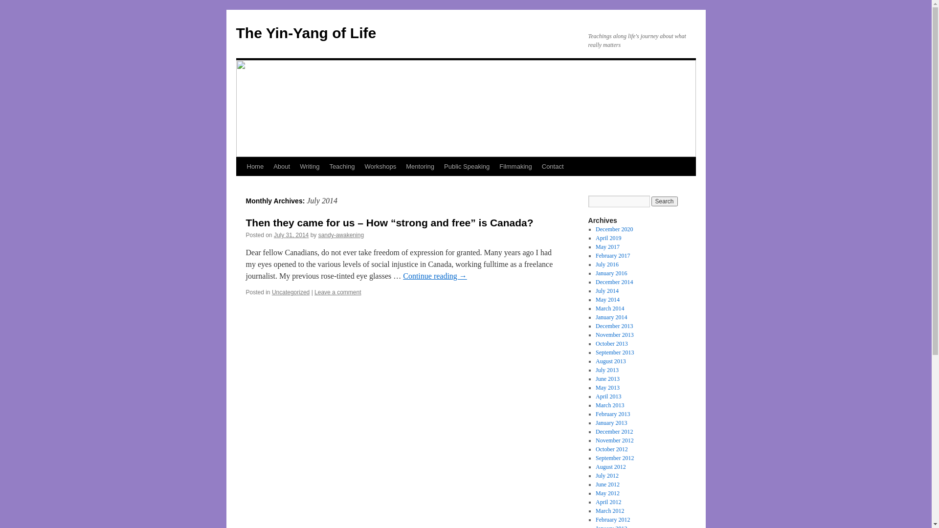  I want to click on 'July 31, 2014', so click(291, 235).